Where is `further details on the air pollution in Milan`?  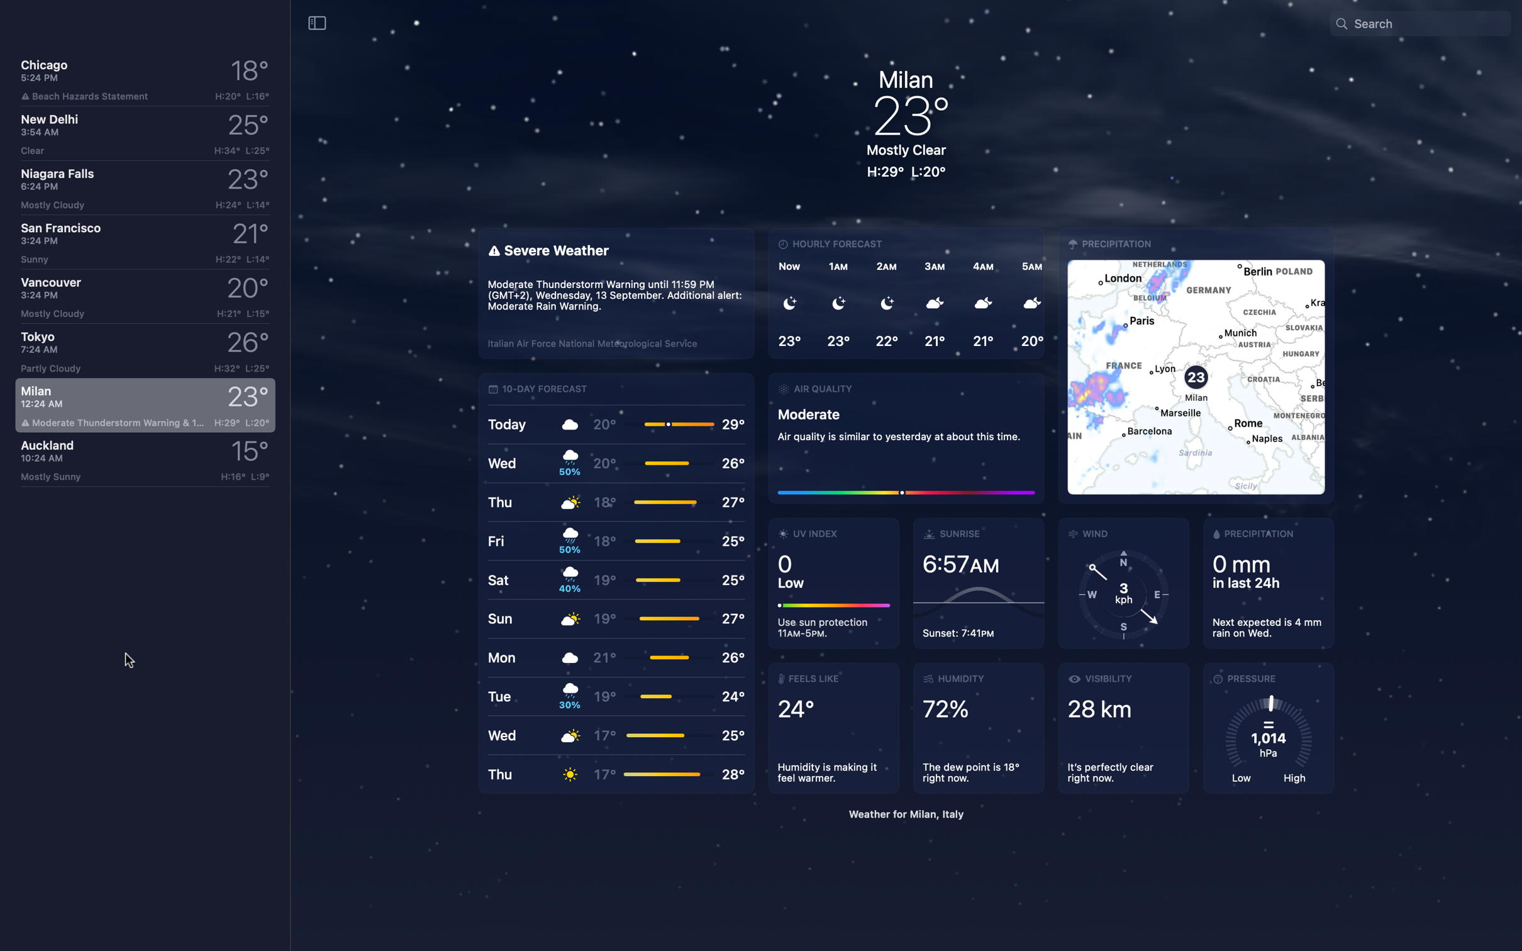
further details on the air pollution in Milan is located at coordinates (906, 436).